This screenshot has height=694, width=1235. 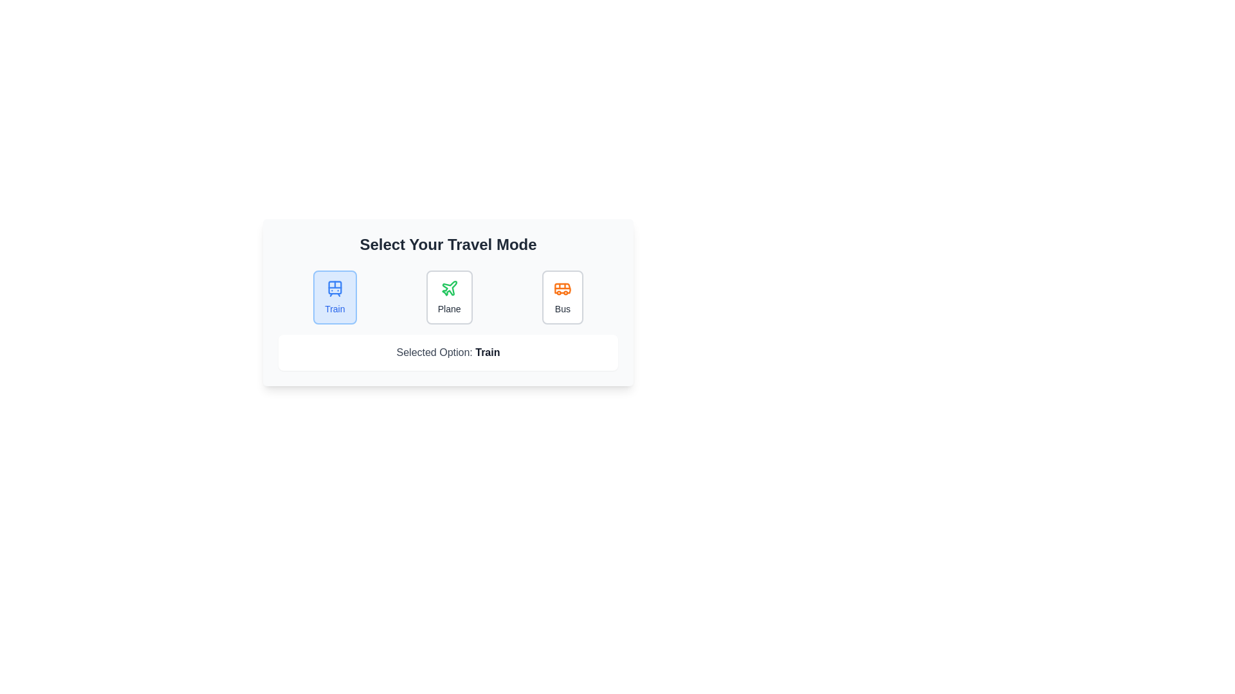 What do you see at coordinates (562, 297) in the screenshot?
I see `the 'Bus' button, which is the third button in a horizontal group of three located near the top center of the interface` at bounding box center [562, 297].